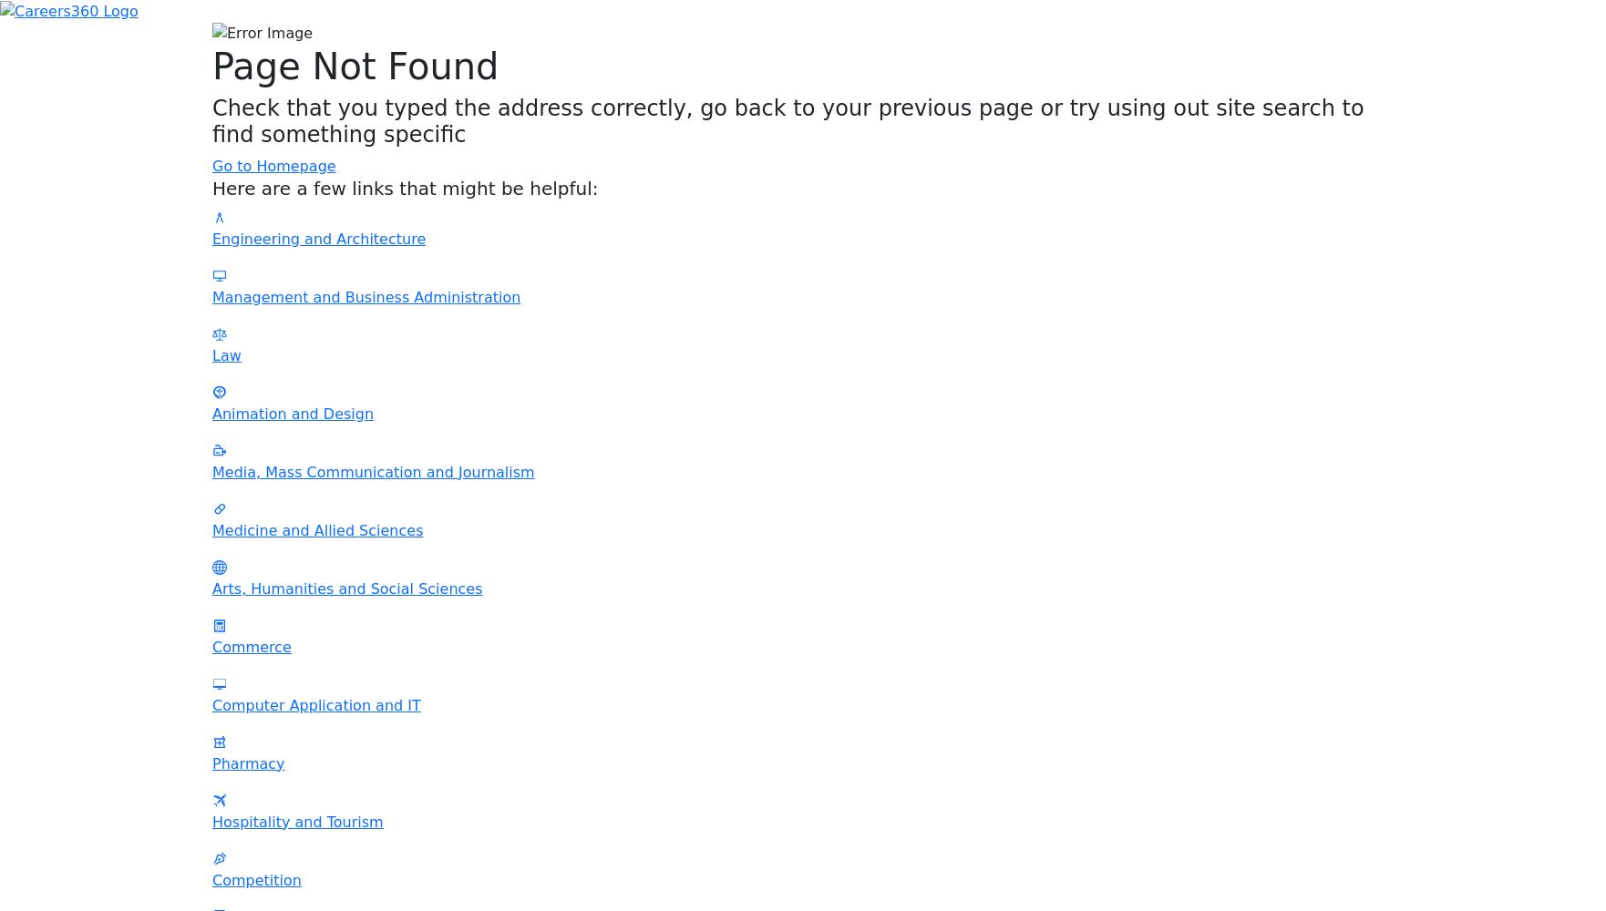 This screenshot has width=1606, height=911. I want to click on 'Arts, Humanities and Social Sciences', so click(346, 588).